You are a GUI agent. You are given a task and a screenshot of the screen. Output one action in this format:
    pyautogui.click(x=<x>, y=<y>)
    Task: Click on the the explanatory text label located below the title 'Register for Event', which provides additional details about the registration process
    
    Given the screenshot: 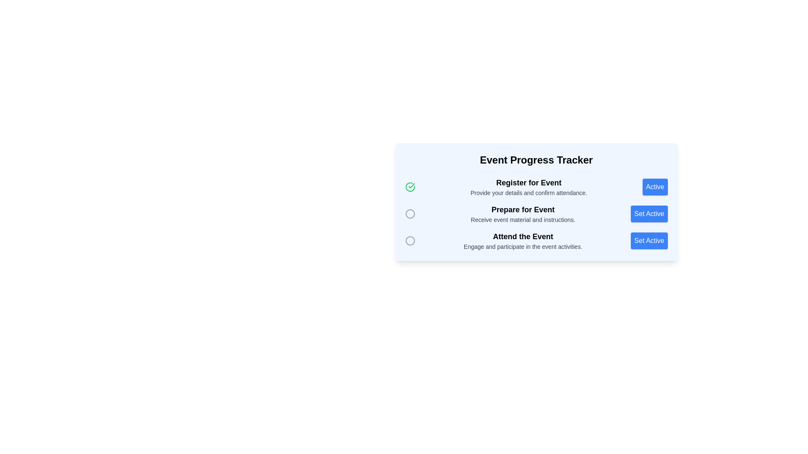 What is the action you would take?
    pyautogui.click(x=528, y=193)
    